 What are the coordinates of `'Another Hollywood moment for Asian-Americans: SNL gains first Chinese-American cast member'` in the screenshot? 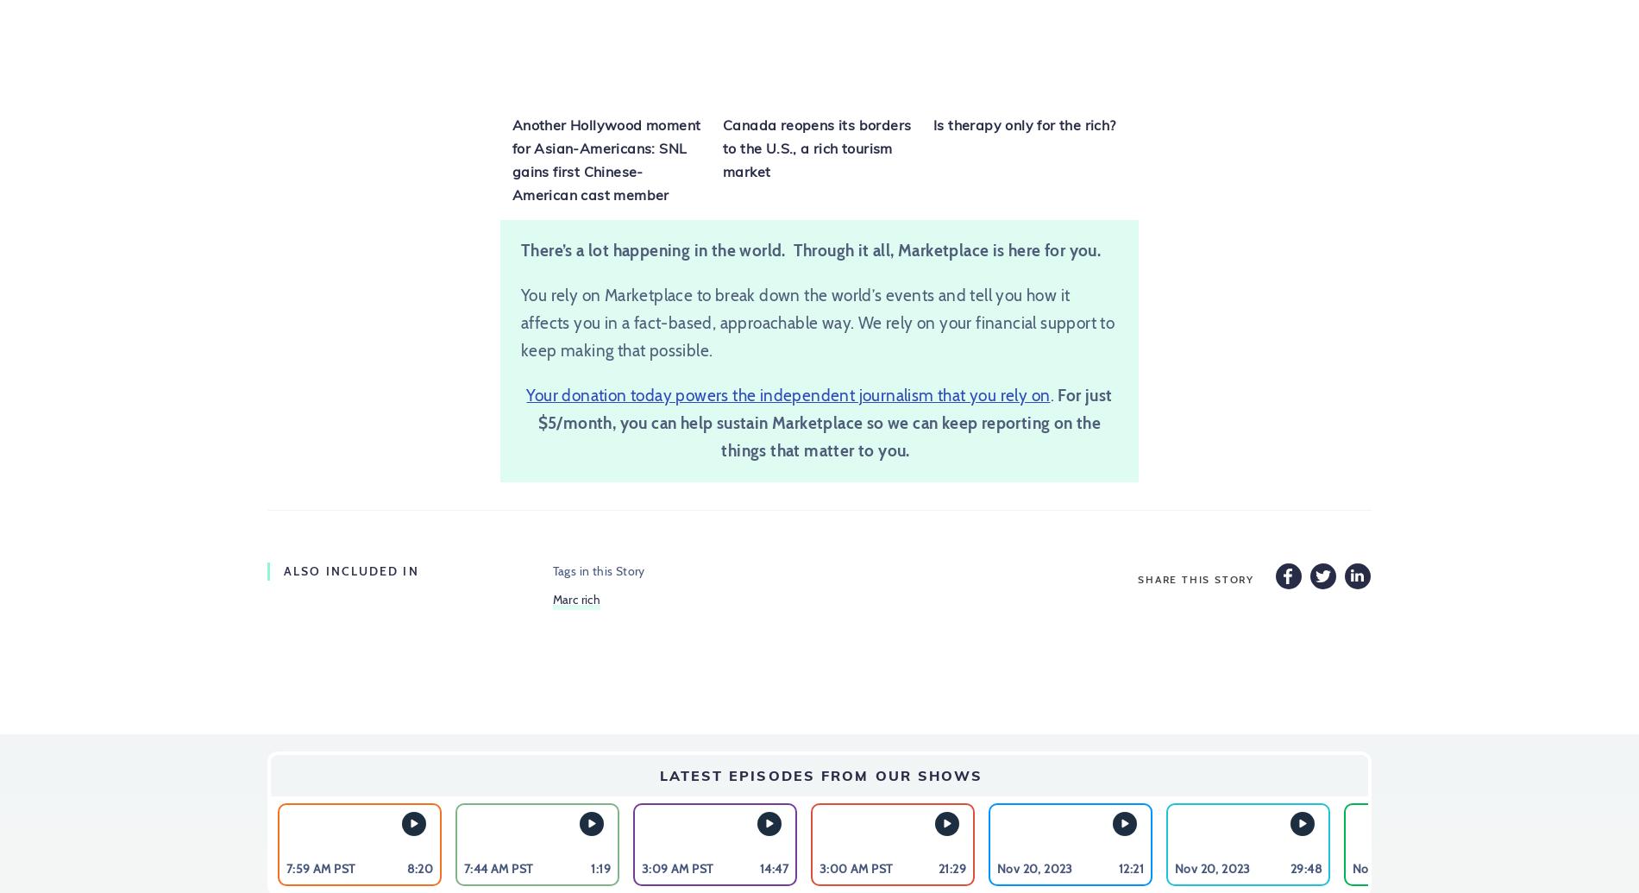 It's located at (511, 160).